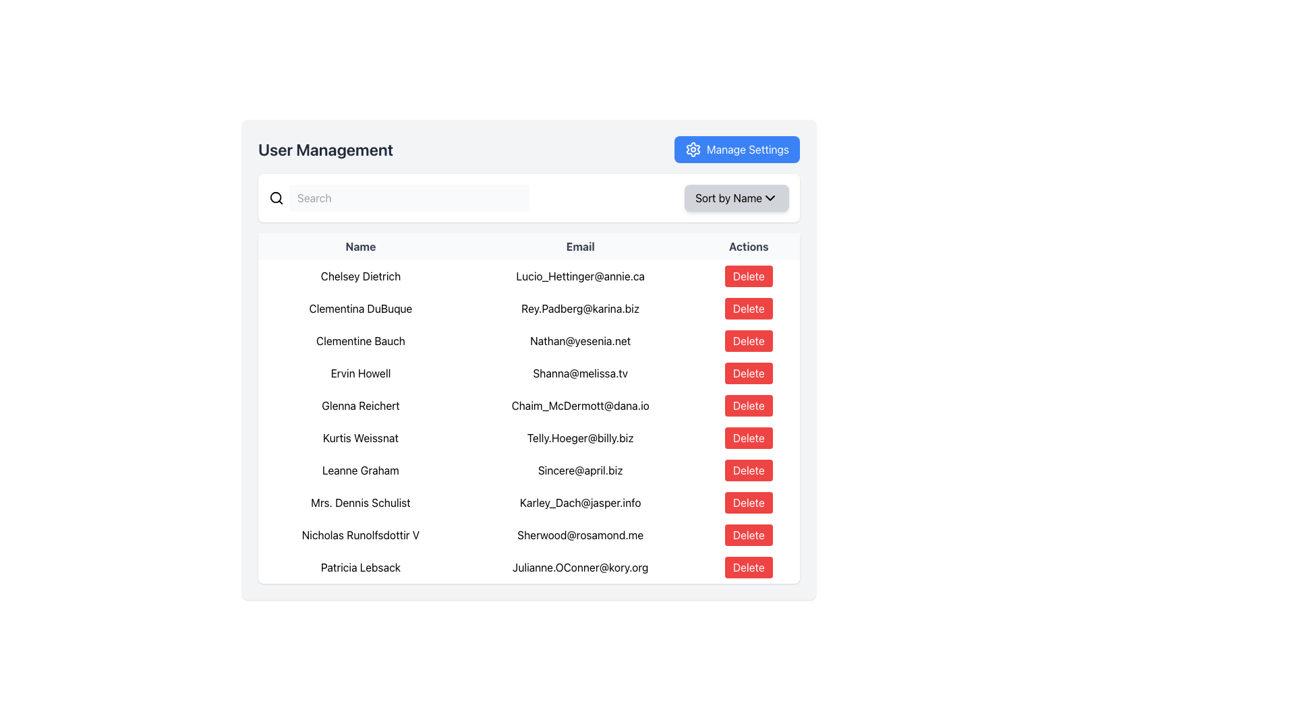 Image resolution: width=1295 pixels, height=728 pixels. What do you see at coordinates (580, 567) in the screenshot?
I see `the email address 'Julianne.OConner@kory.org' located in the 'Email' column of the last row in the User Management section, which is positioned between the name 'Patricia Lebsack' and a 'Delete' button` at bounding box center [580, 567].